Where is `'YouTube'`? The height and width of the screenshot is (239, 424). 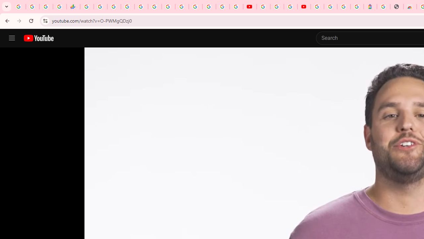 'YouTube' is located at coordinates (263, 7).